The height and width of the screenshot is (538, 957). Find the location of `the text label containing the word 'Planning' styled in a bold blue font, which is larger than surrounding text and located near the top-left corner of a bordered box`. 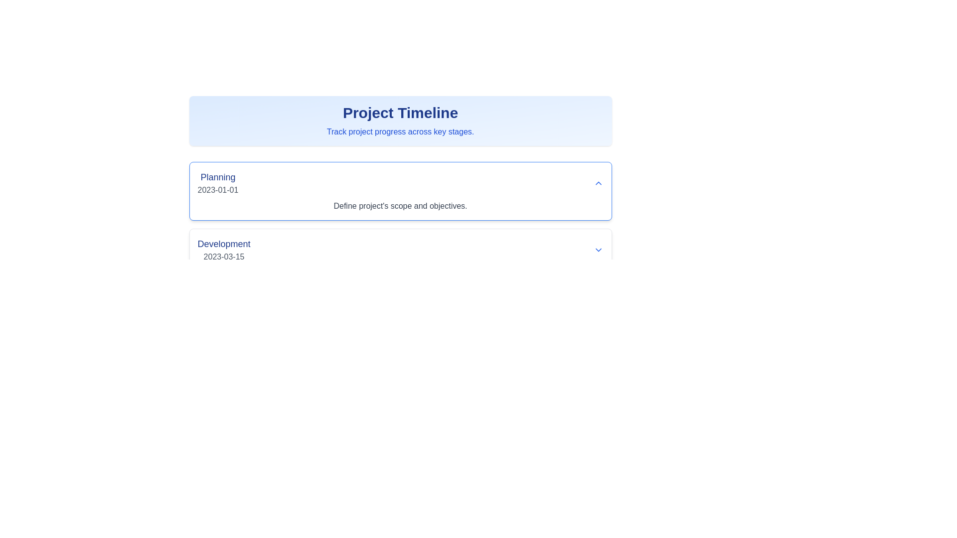

the text label containing the word 'Planning' styled in a bold blue font, which is larger than surrounding text and located near the top-left corner of a bordered box is located at coordinates (217, 176).